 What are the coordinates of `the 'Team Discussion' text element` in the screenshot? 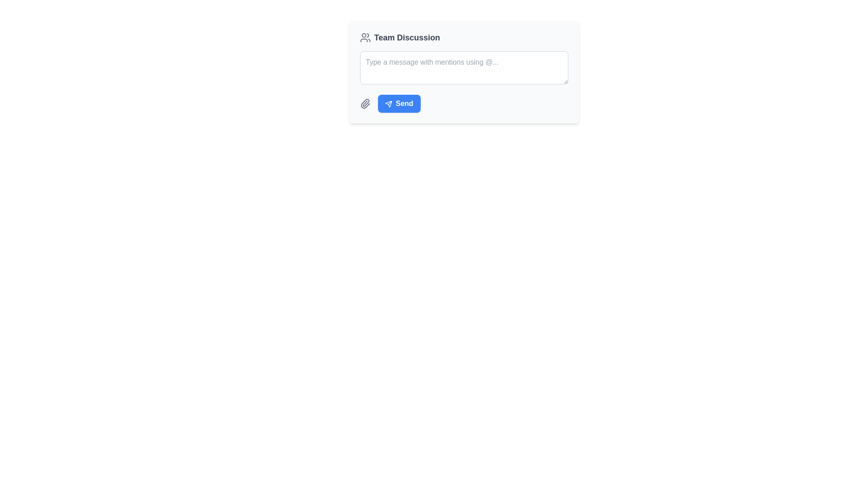 It's located at (406, 37).